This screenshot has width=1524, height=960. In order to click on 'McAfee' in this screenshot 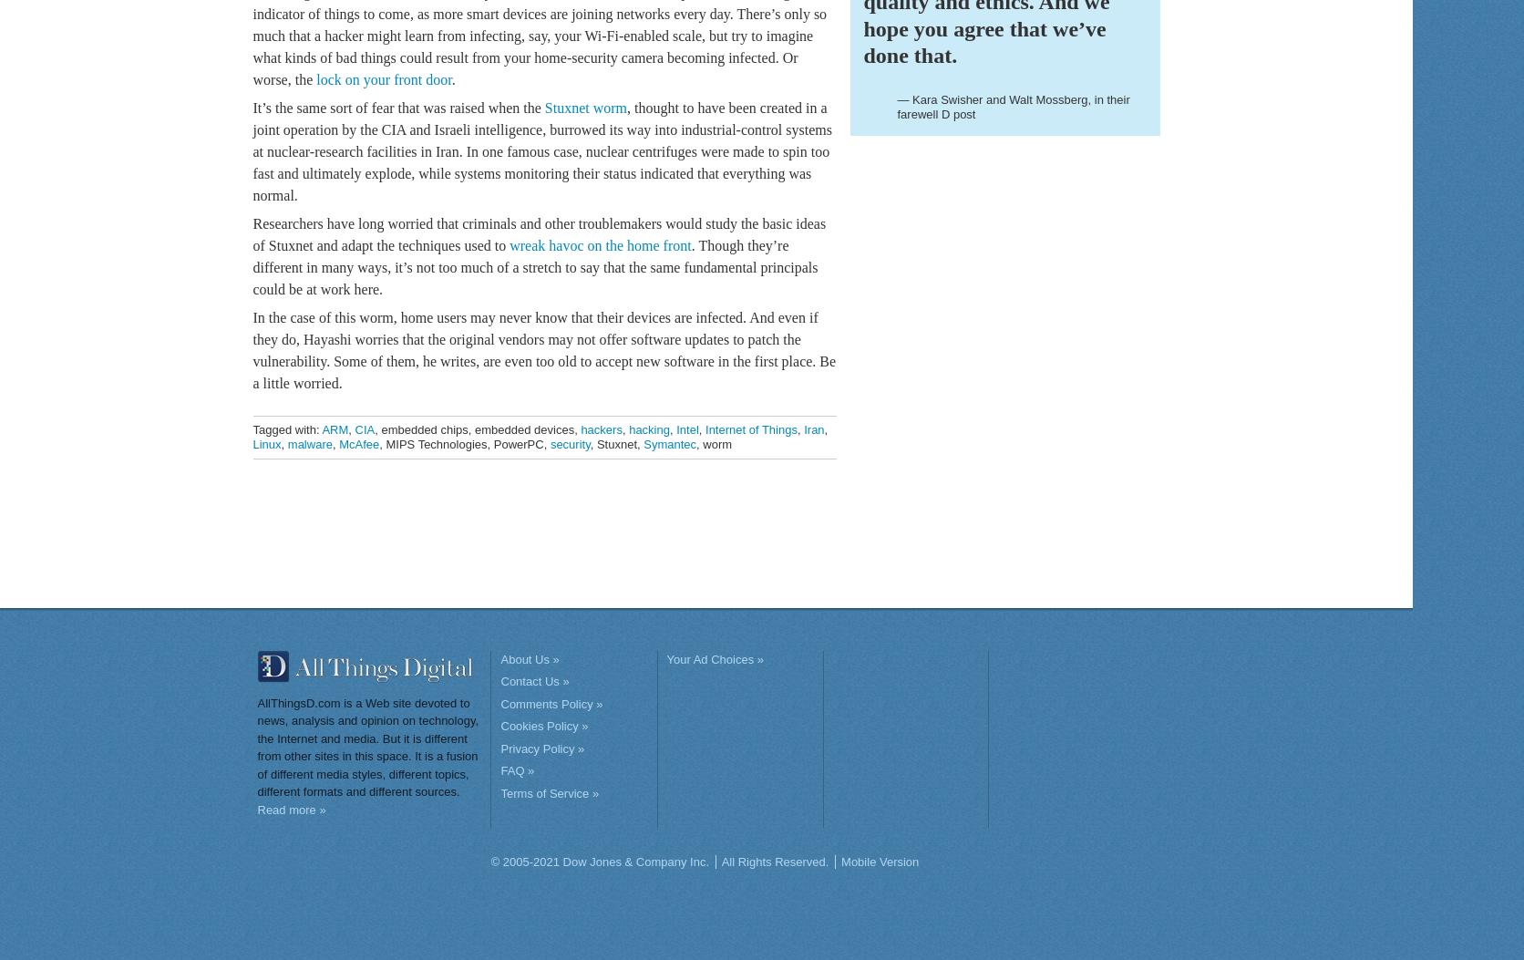, I will do `click(357, 443)`.